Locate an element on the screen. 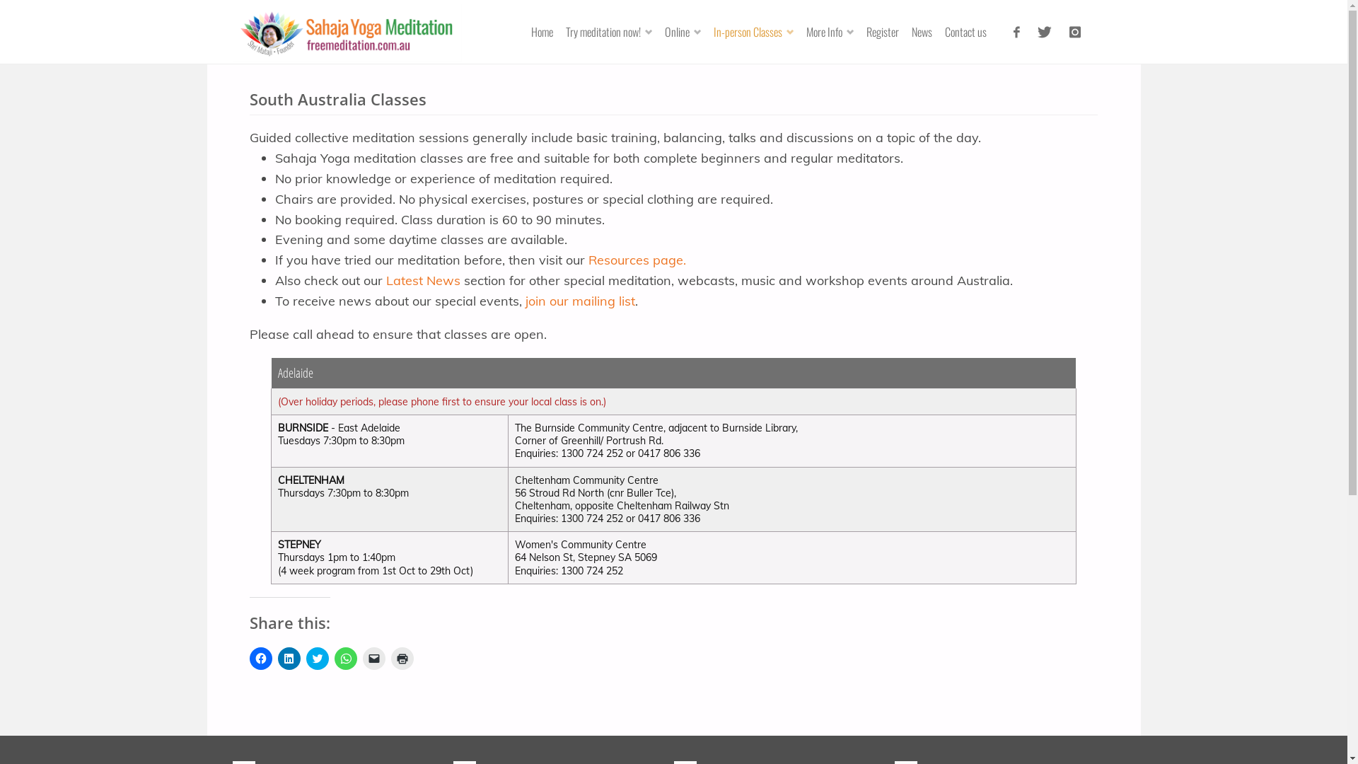 Image resolution: width=1358 pixels, height=764 pixels. 'Follow on Instagram' is located at coordinates (1060, 32).